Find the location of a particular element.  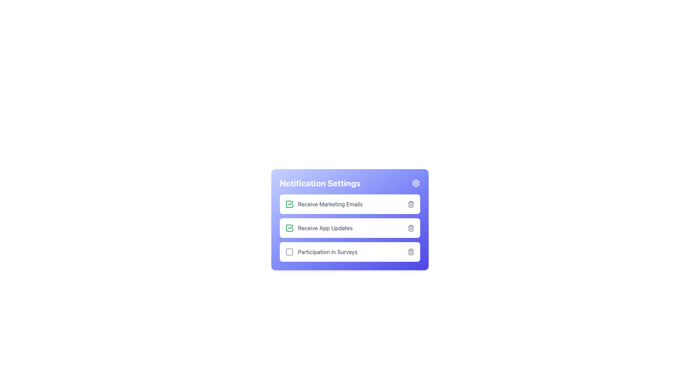

the settings button located in the top-right corner of the 'Notification Settings' visual box is located at coordinates (416, 182).